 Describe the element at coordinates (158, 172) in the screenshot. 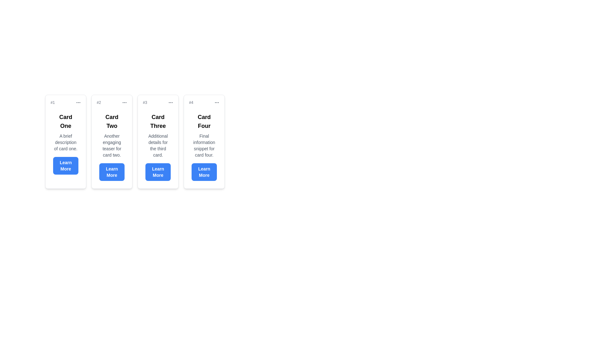

I see `the 'Learn More' button with rounded corners and a blue background, located at the bottom of the third card, to change its background color` at that location.